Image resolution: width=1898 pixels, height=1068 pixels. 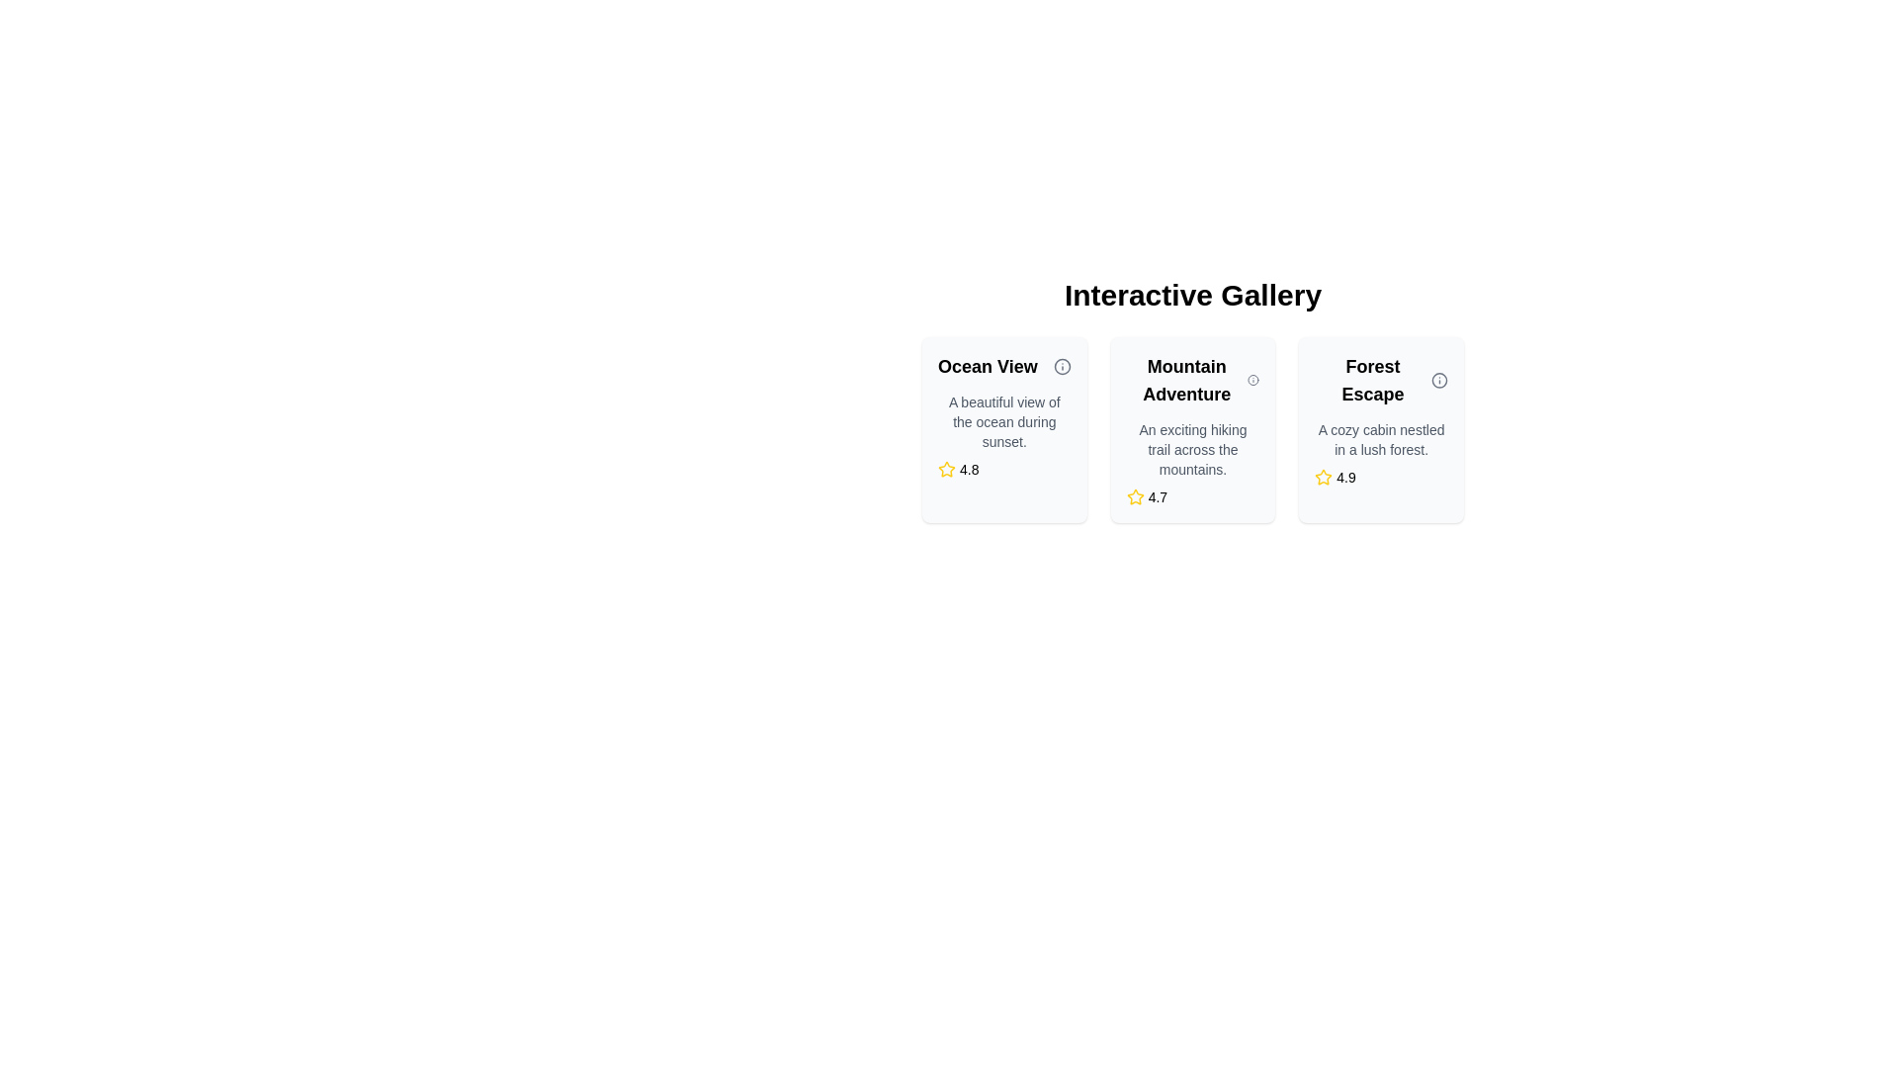 I want to click on the information tooltip icon located to the right of the 'Mountain Adventure' text, so click(x=1251, y=381).